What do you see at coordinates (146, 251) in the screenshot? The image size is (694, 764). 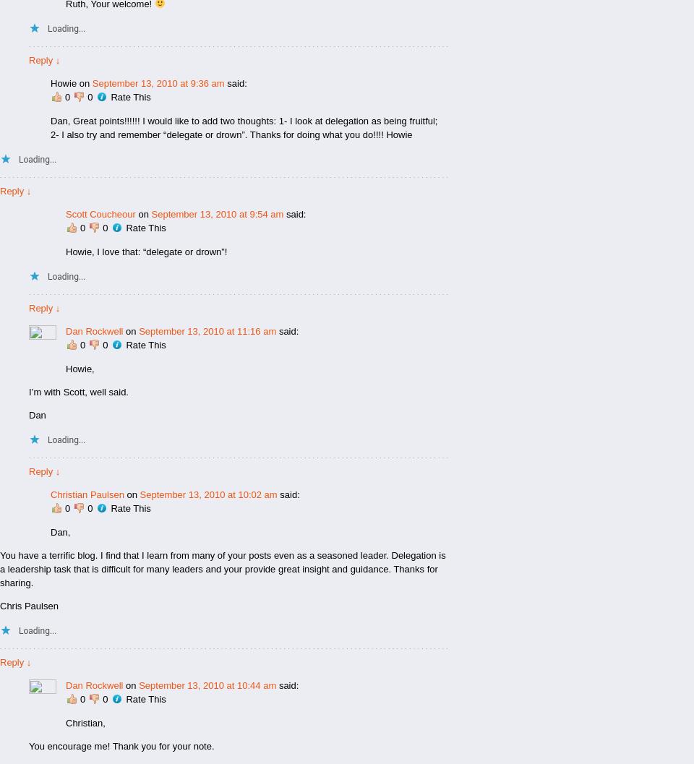 I see `'Howie, I love that: “delegate or drown”!'` at bounding box center [146, 251].